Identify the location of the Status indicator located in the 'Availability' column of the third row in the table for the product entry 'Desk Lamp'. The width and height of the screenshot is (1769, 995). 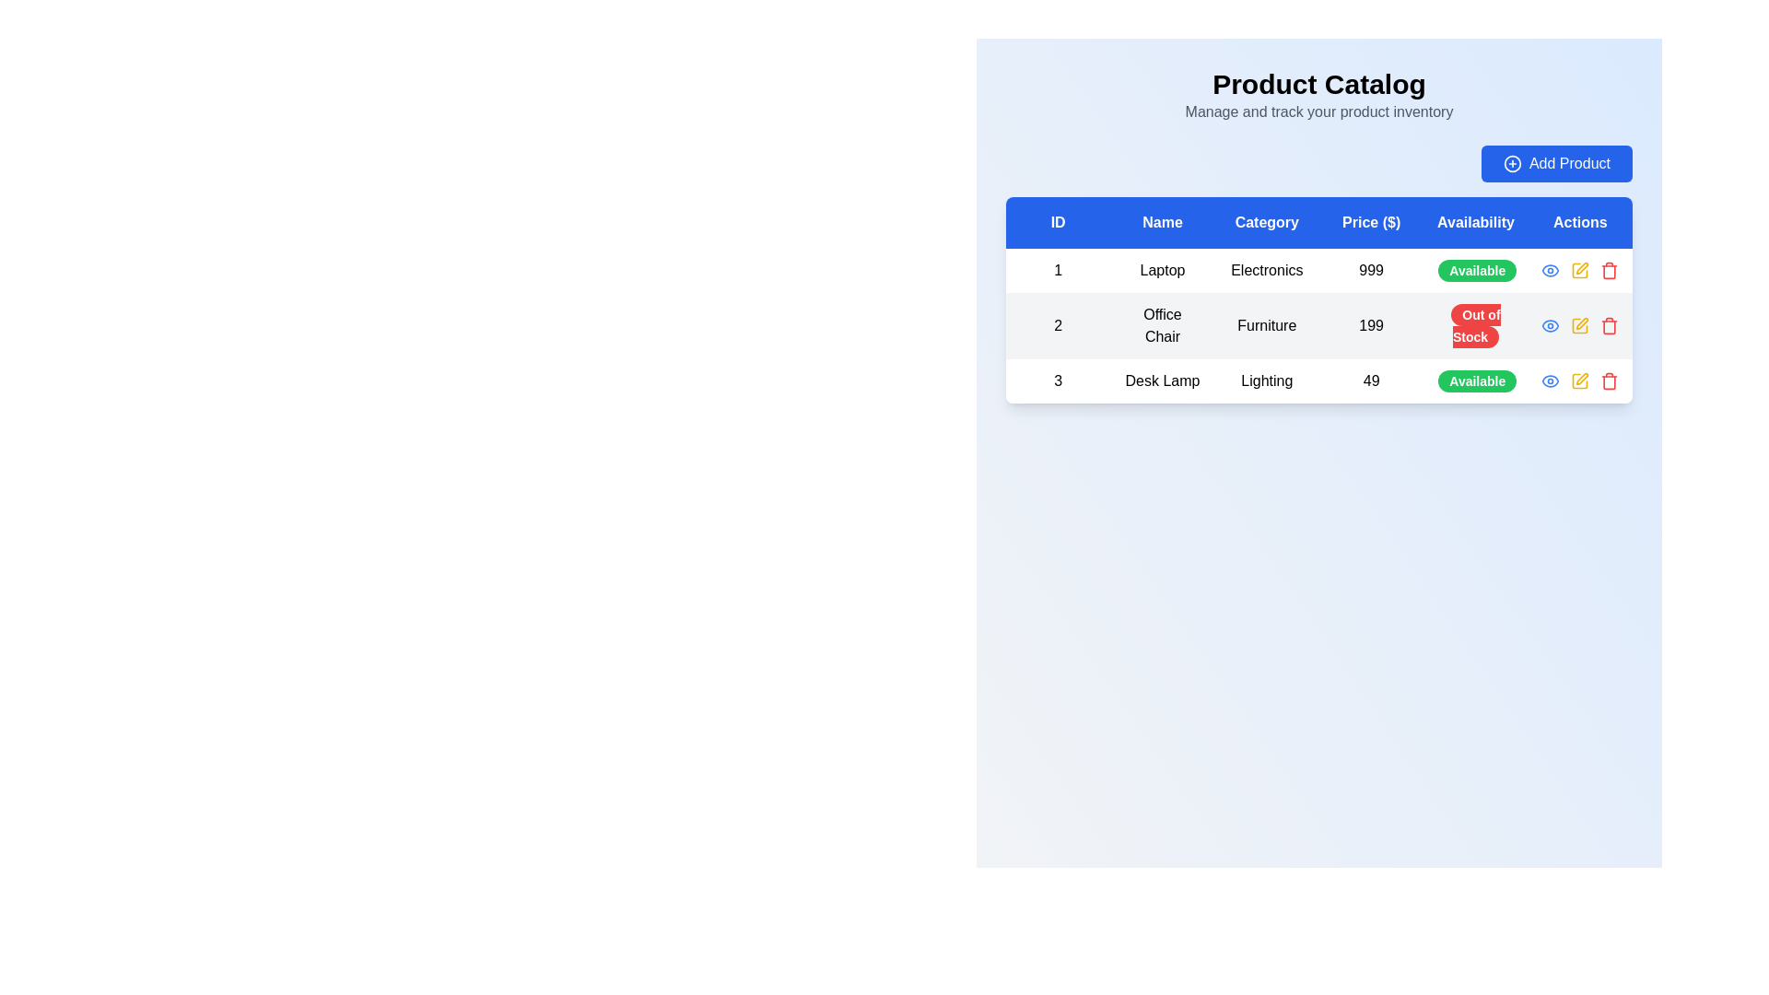
(1476, 380).